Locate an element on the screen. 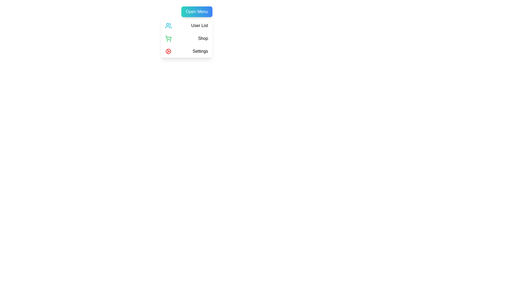 This screenshot has width=515, height=289. the 'Open Menu' button to toggle the visibility of the menu is located at coordinates (197, 12).